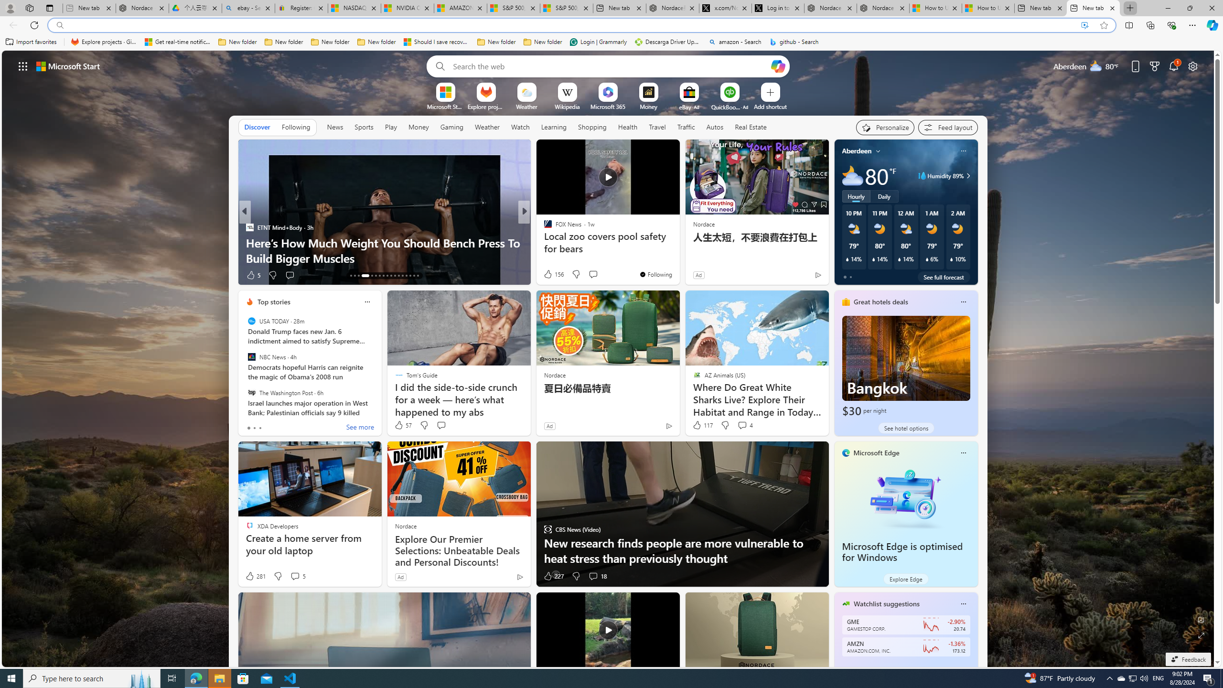  I want to click on 'Real Estate', so click(750, 126).